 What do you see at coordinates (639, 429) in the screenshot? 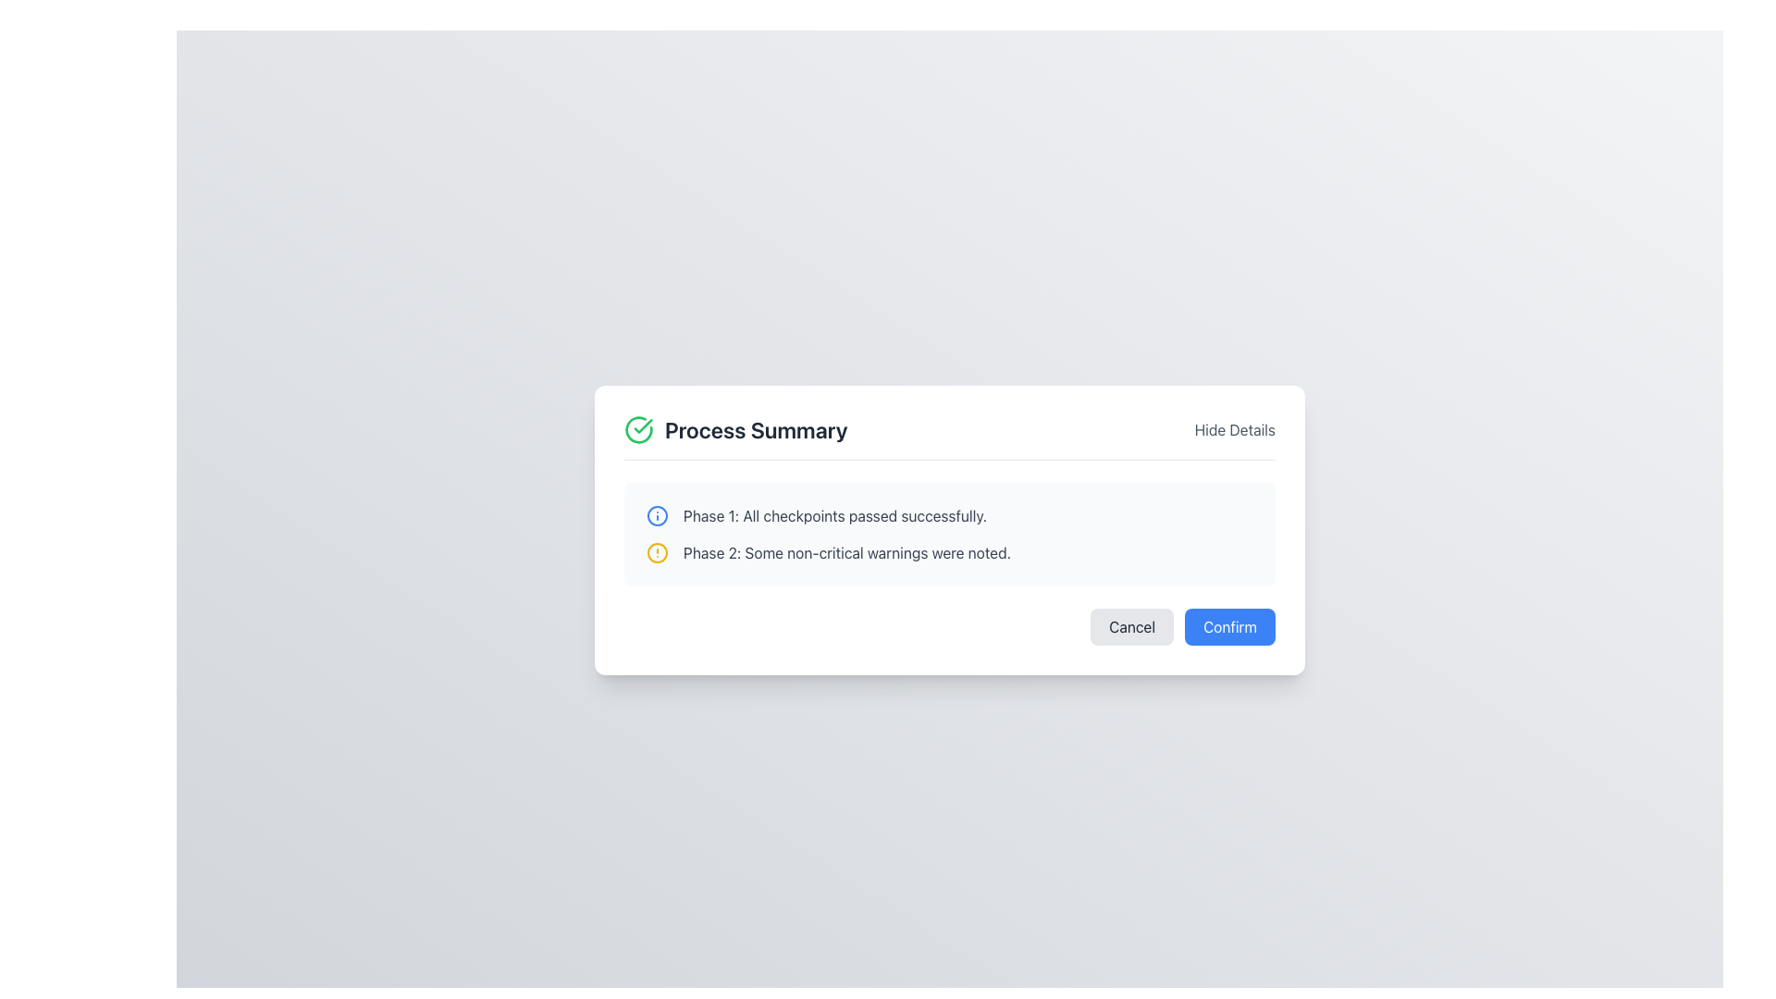
I see `the success icon located to the immediate left of the 'Process Summary' text, indicating completion or approval` at bounding box center [639, 429].